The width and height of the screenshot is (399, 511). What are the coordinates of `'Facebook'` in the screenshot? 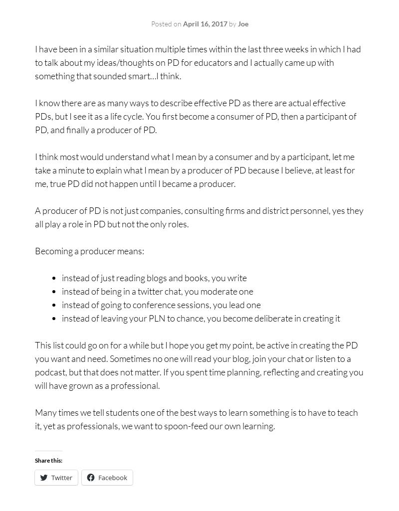 It's located at (112, 477).